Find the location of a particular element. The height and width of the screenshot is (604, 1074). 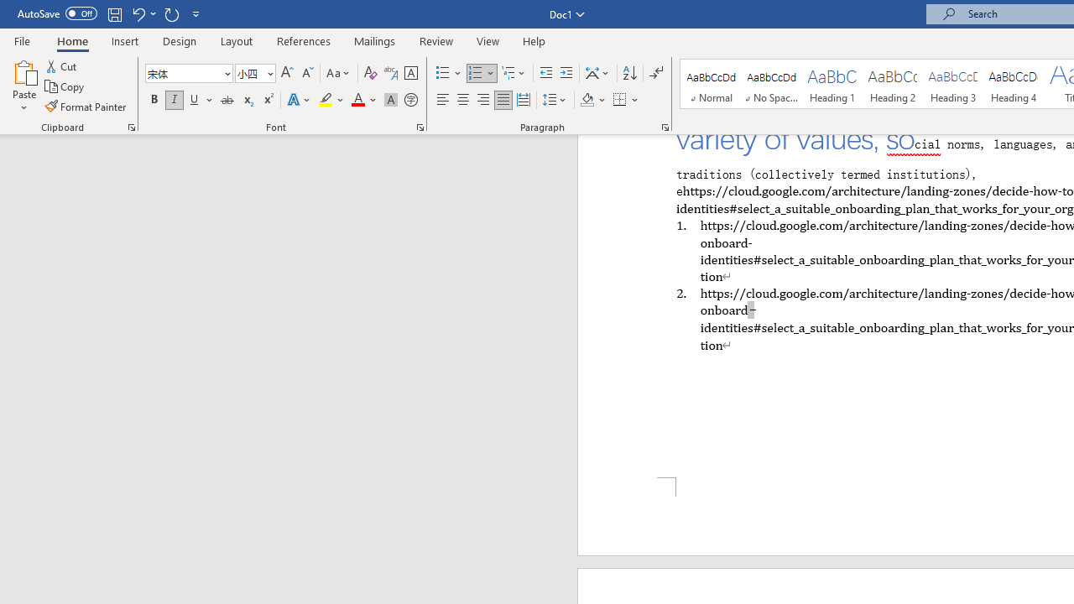

'Heading 3' is located at coordinates (953, 84).